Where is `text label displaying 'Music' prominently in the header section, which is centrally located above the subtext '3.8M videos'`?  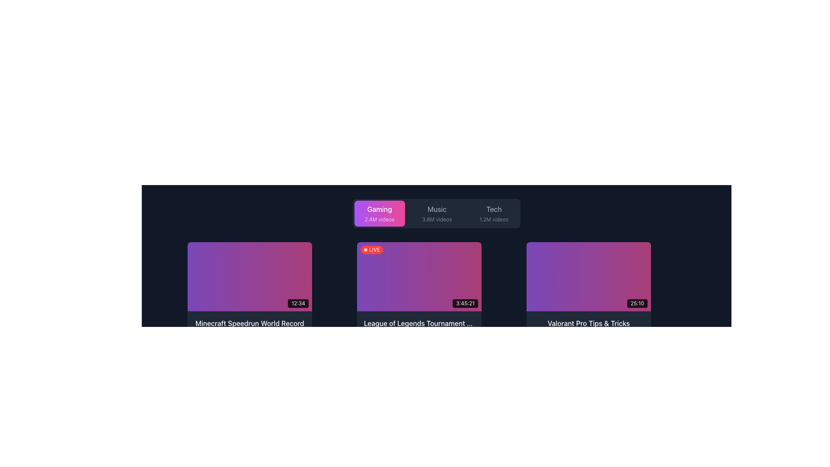 text label displaying 'Music' prominently in the header section, which is centrally located above the subtext '3.8M videos' is located at coordinates (437, 209).